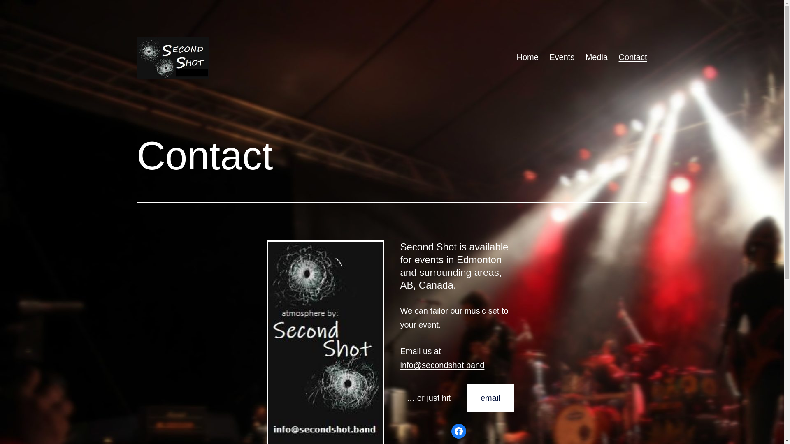 The height and width of the screenshot is (444, 790). Describe the element at coordinates (441, 364) in the screenshot. I see `'info@secondshot.band'` at that location.